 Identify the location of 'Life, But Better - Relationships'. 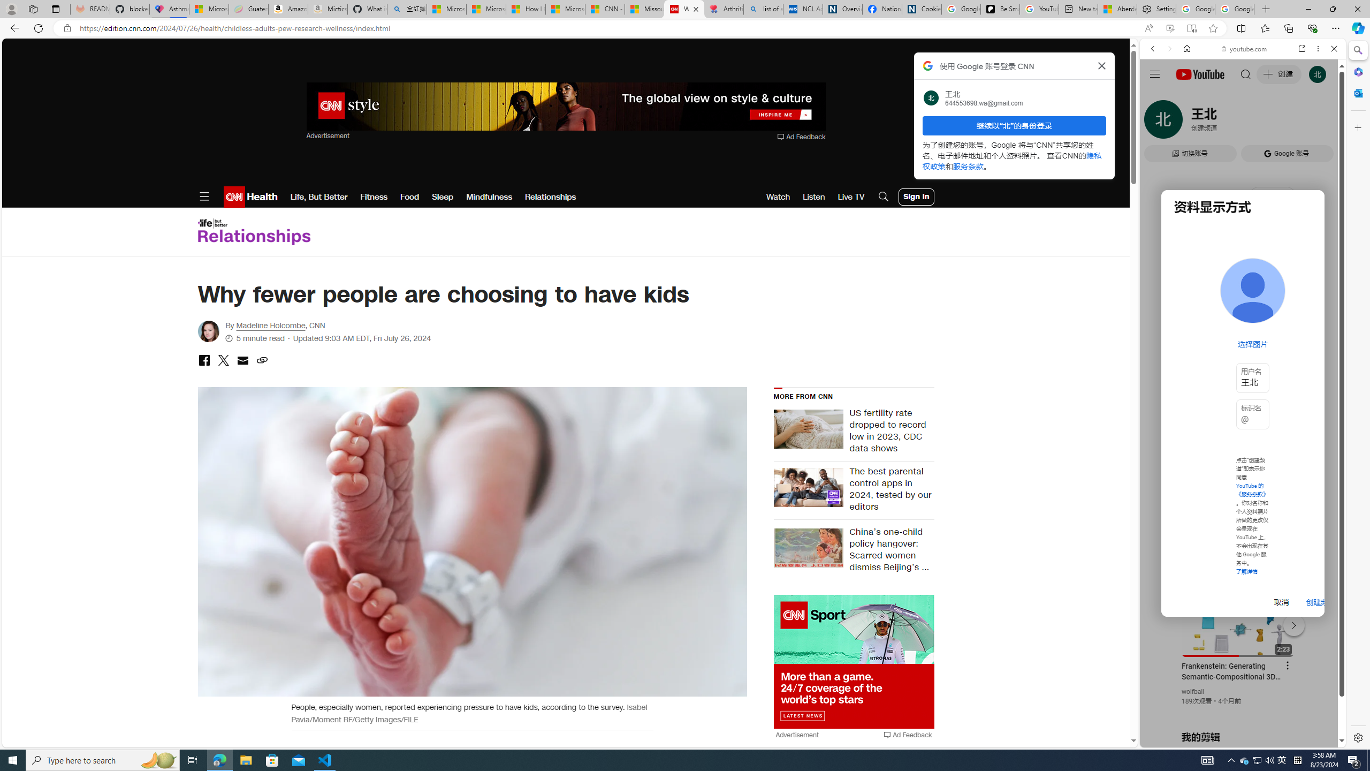
(253, 231).